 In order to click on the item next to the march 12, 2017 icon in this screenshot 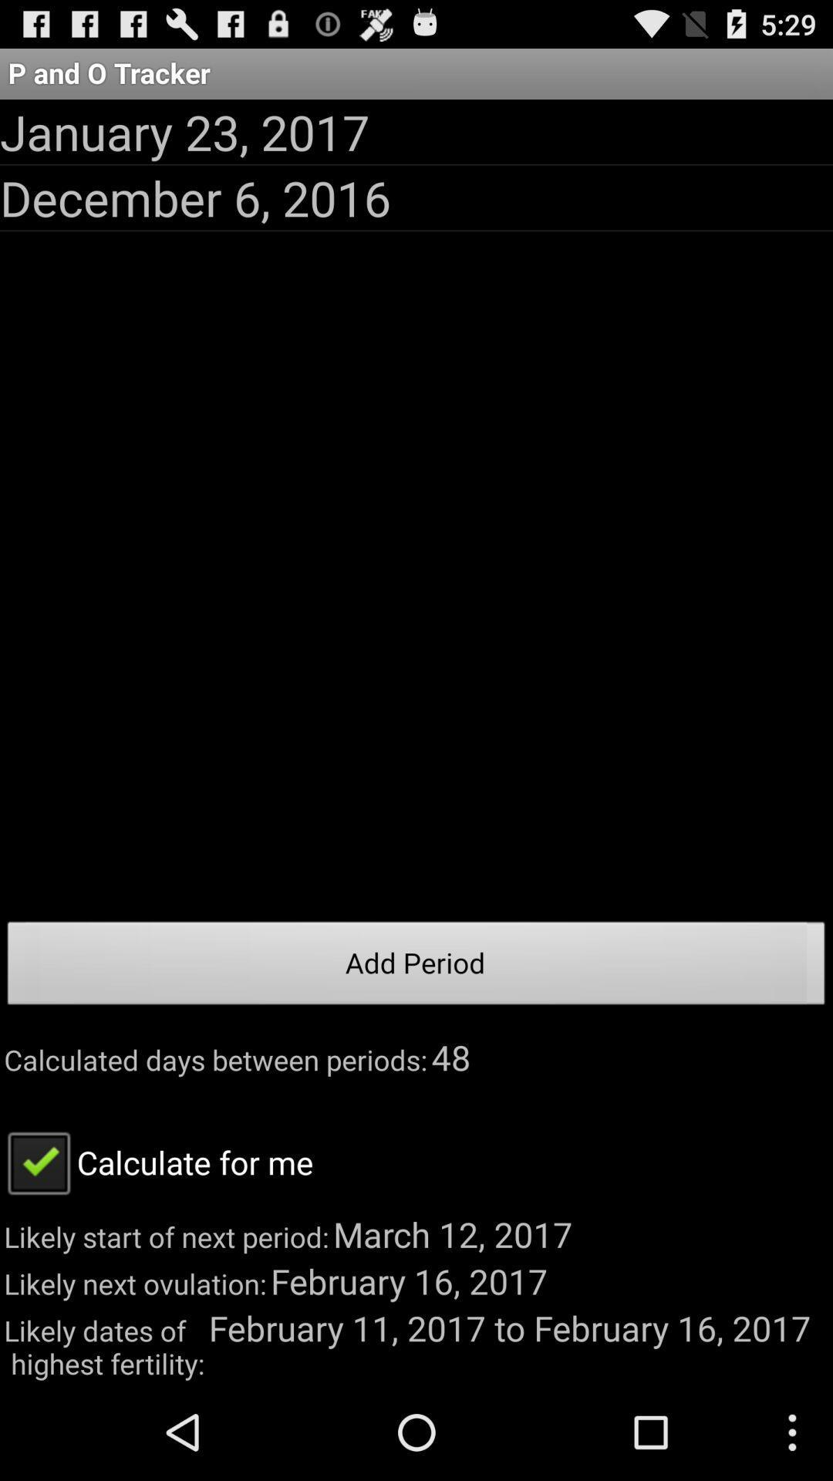, I will do `click(157, 1162)`.